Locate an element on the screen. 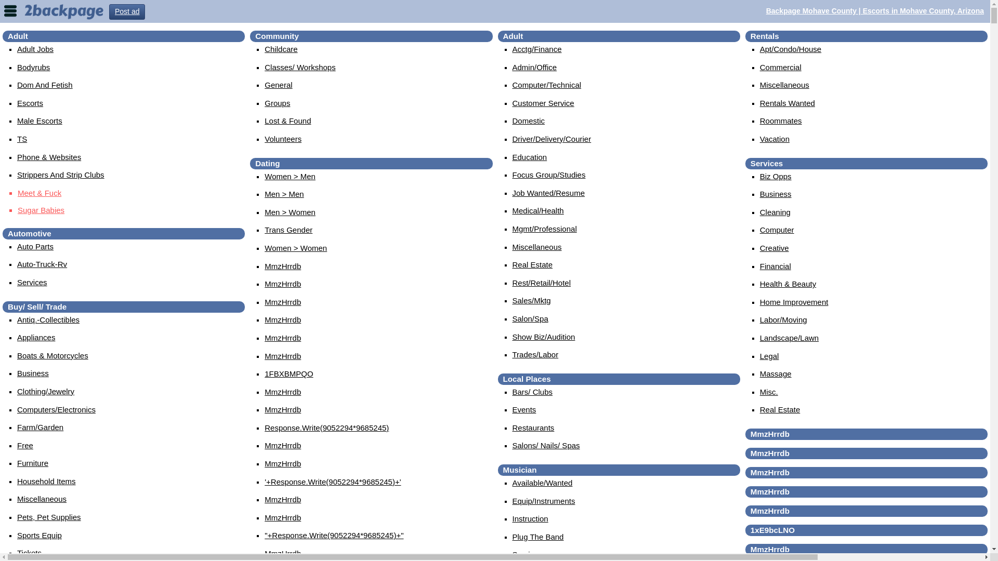 The image size is (998, 561). 'Groups' is located at coordinates (277, 103).